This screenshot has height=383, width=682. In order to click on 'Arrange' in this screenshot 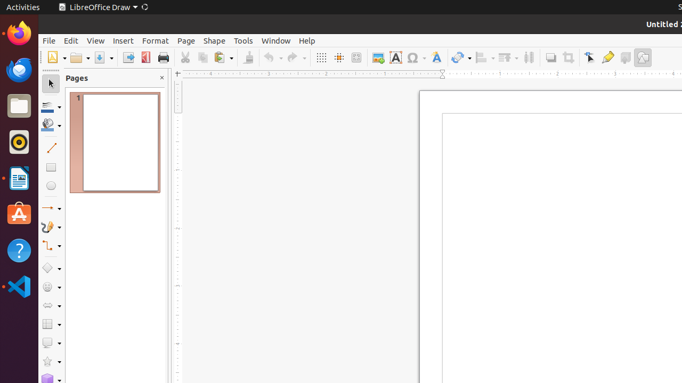, I will do `click(507, 57)`.